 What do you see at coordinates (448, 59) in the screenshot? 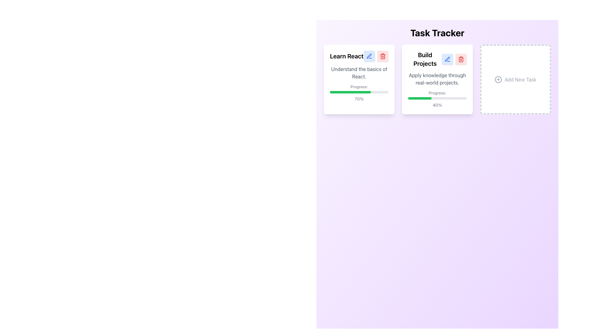
I see `the blue pen icon indicating editing functionality located in the top-right corner of the 'Build Projects' task card` at bounding box center [448, 59].